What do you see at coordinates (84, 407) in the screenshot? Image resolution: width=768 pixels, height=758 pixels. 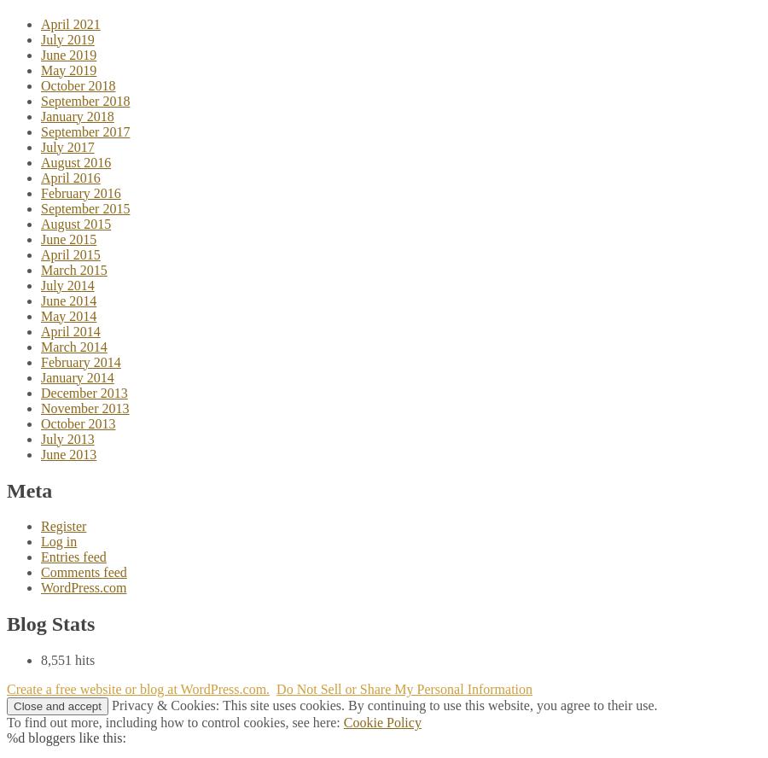 I see `'November 2013'` at bounding box center [84, 407].